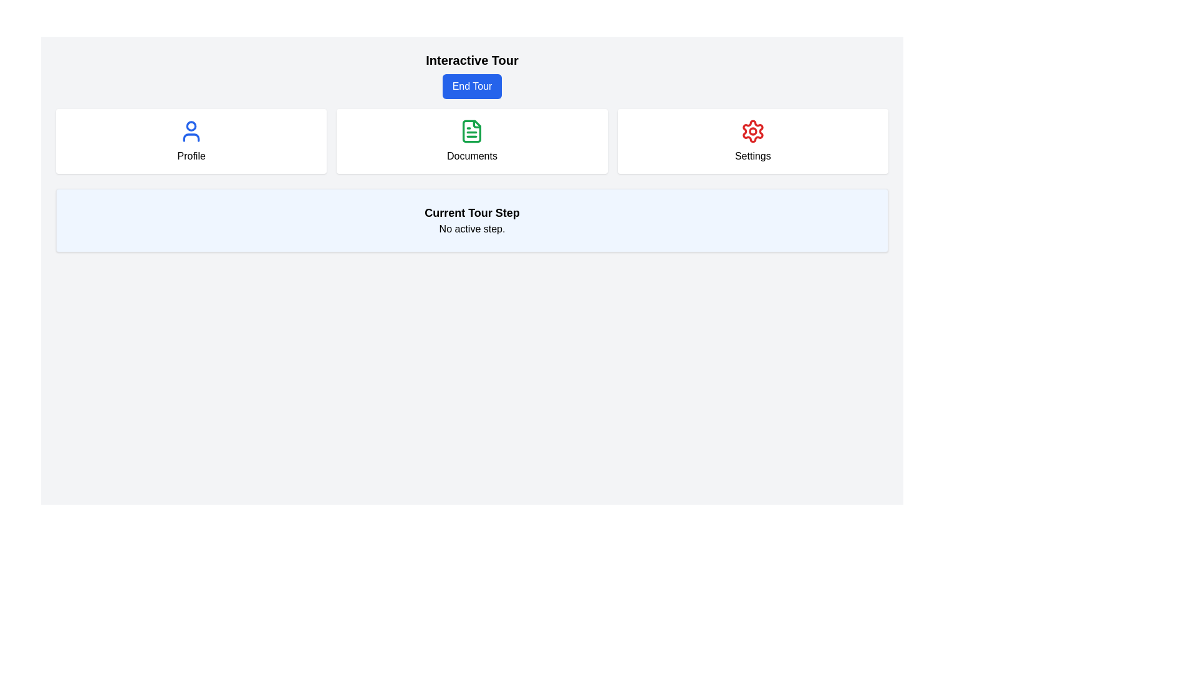 The height and width of the screenshot is (673, 1197). I want to click on the decorative circle graphic that is positioned in the center of the gear-shaped settings icon, which is the third icon from the left in the top row of the main layout, directly above the 'Settings' label text, so click(752, 131).